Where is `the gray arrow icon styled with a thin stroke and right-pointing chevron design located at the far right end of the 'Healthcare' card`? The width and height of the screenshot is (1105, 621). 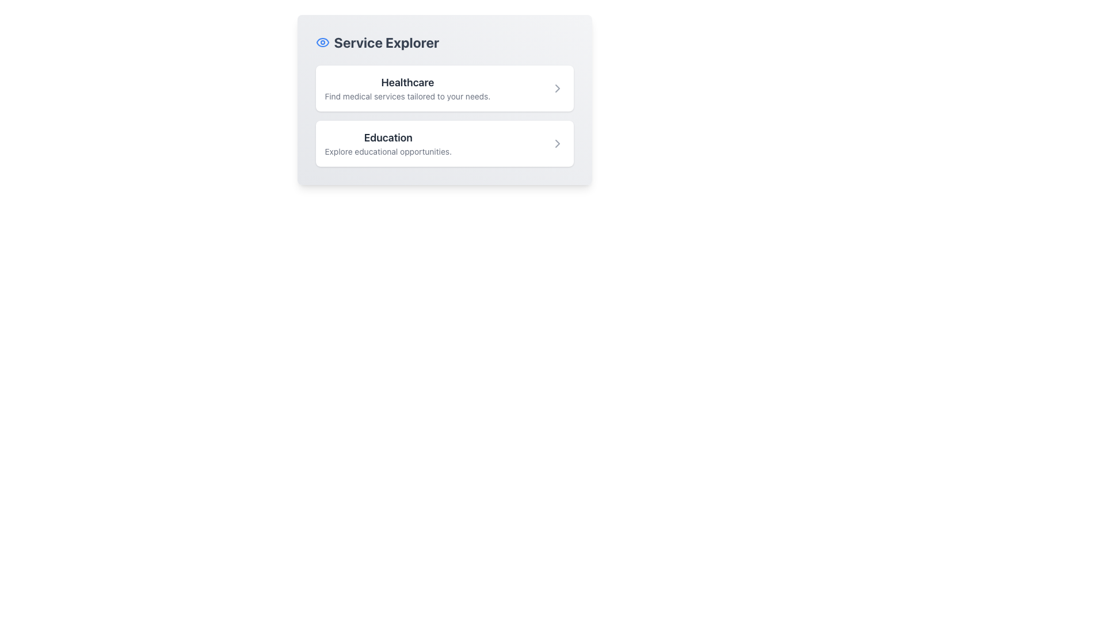
the gray arrow icon styled with a thin stroke and right-pointing chevron design located at the far right end of the 'Healthcare' card is located at coordinates (557, 88).